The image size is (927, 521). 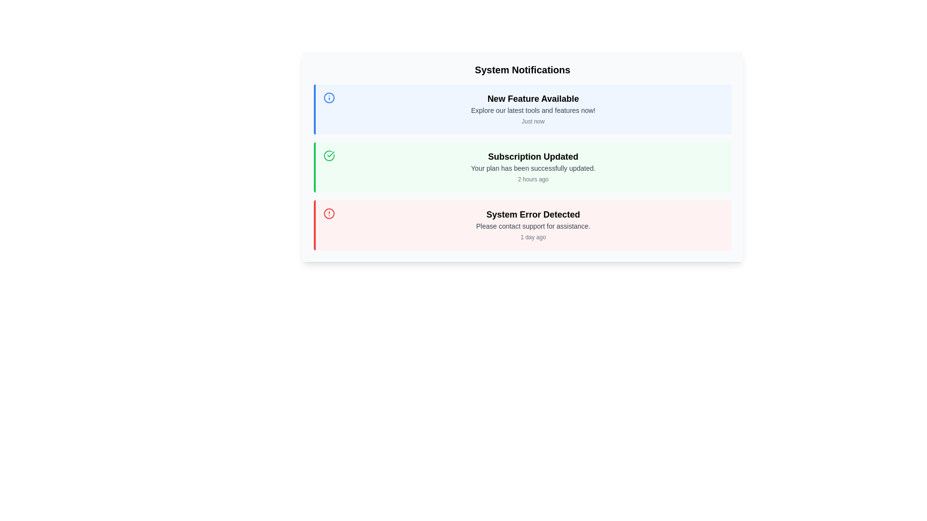 What do you see at coordinates (533, 179) in the screenshot?
I see `the timestamp text label located at the bottom-right of the green notification box titled 'Subscription Updated.'` at bounding box center [533, 179].